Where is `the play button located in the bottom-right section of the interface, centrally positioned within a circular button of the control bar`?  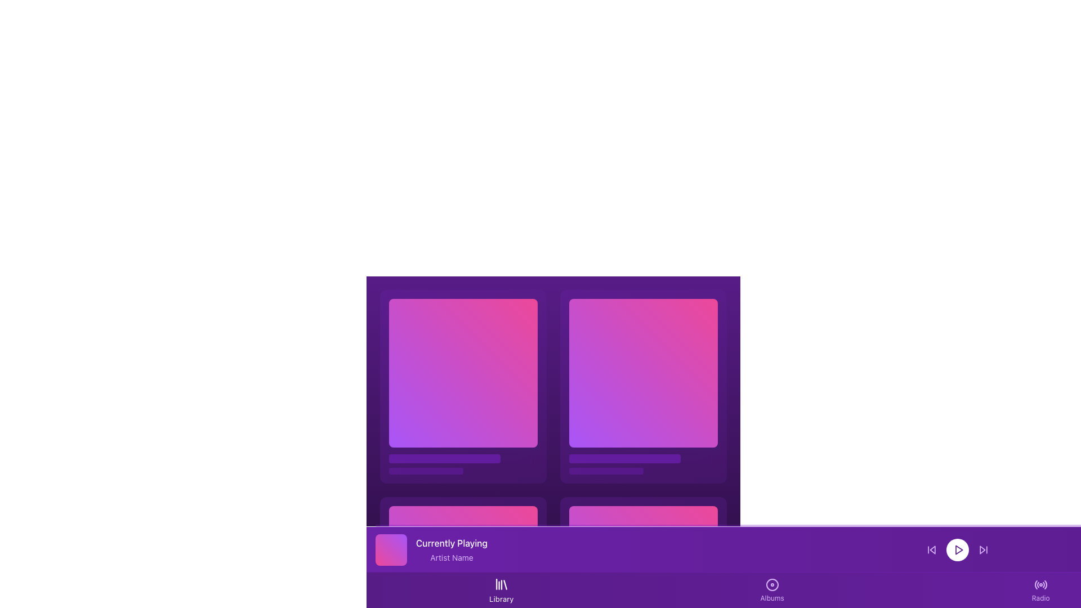 the play button located in the bottom-right section of the interface, centrally positioned within a circular button of the control bar is located at coordinates (958, 549).